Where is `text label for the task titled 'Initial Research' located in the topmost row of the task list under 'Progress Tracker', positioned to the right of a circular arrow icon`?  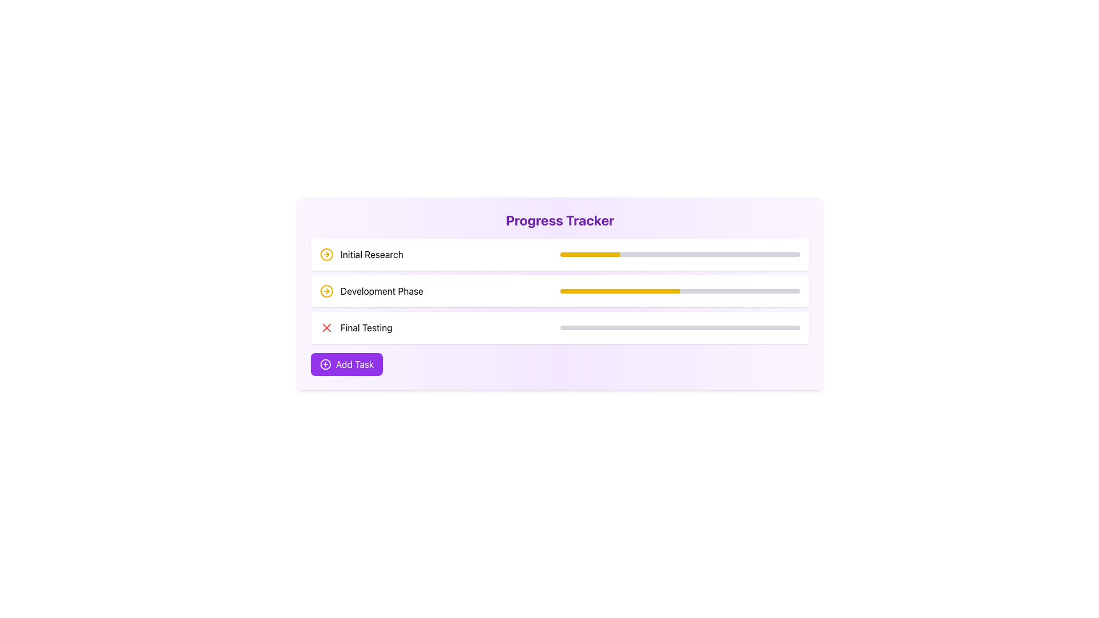
text label for the task titled 'Initial Research' located in the topmost row of the task list under 'Progress Tracker', positioned to the right of a circular arrow icon is located at coordinates (371, 253).